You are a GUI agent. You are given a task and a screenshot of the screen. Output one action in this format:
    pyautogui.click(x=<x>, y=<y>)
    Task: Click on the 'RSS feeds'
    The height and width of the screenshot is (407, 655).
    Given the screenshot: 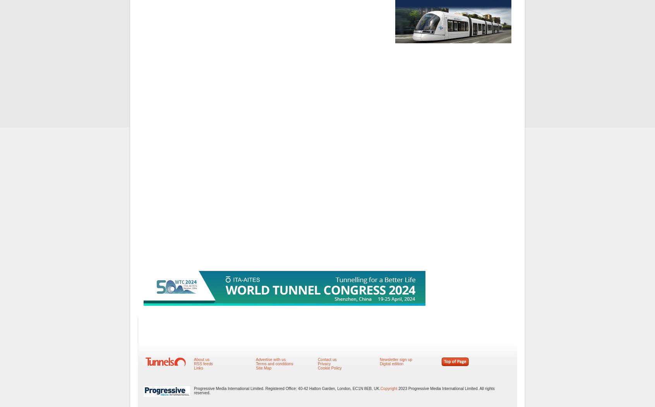 What is the action you would take?
    pyautogui.click(x=203, y=363)
    